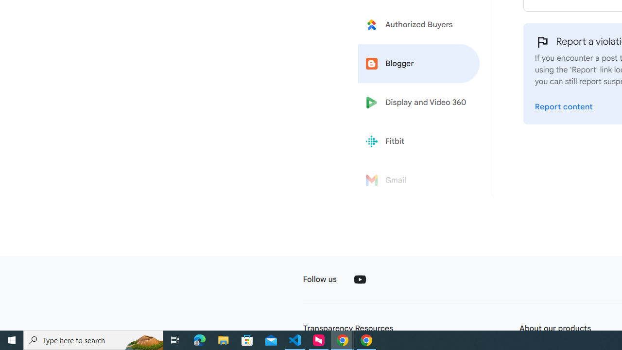 The image size is (622, 350). Describe the element at coordinates (419, 180) in the screenshot. I see `'Gmail'` at that location.